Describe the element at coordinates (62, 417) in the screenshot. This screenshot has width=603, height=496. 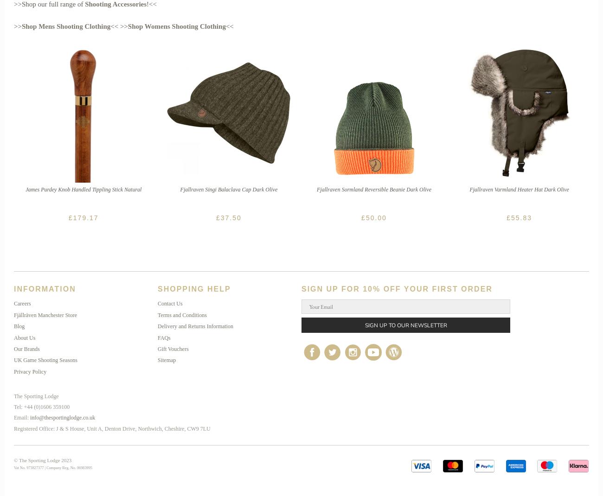
I see `'info@thesportinglodge.co.uk'` at that location.